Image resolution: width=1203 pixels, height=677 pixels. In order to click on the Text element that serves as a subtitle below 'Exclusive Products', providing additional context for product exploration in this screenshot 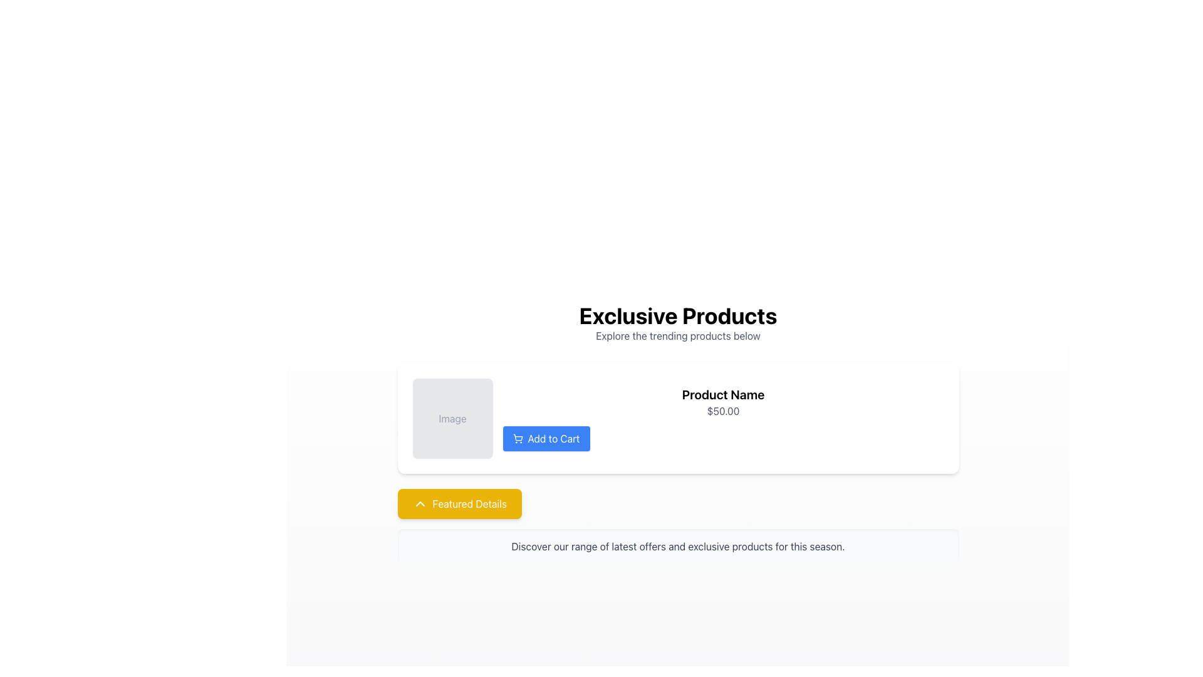, I will do `click(677, 335)`.